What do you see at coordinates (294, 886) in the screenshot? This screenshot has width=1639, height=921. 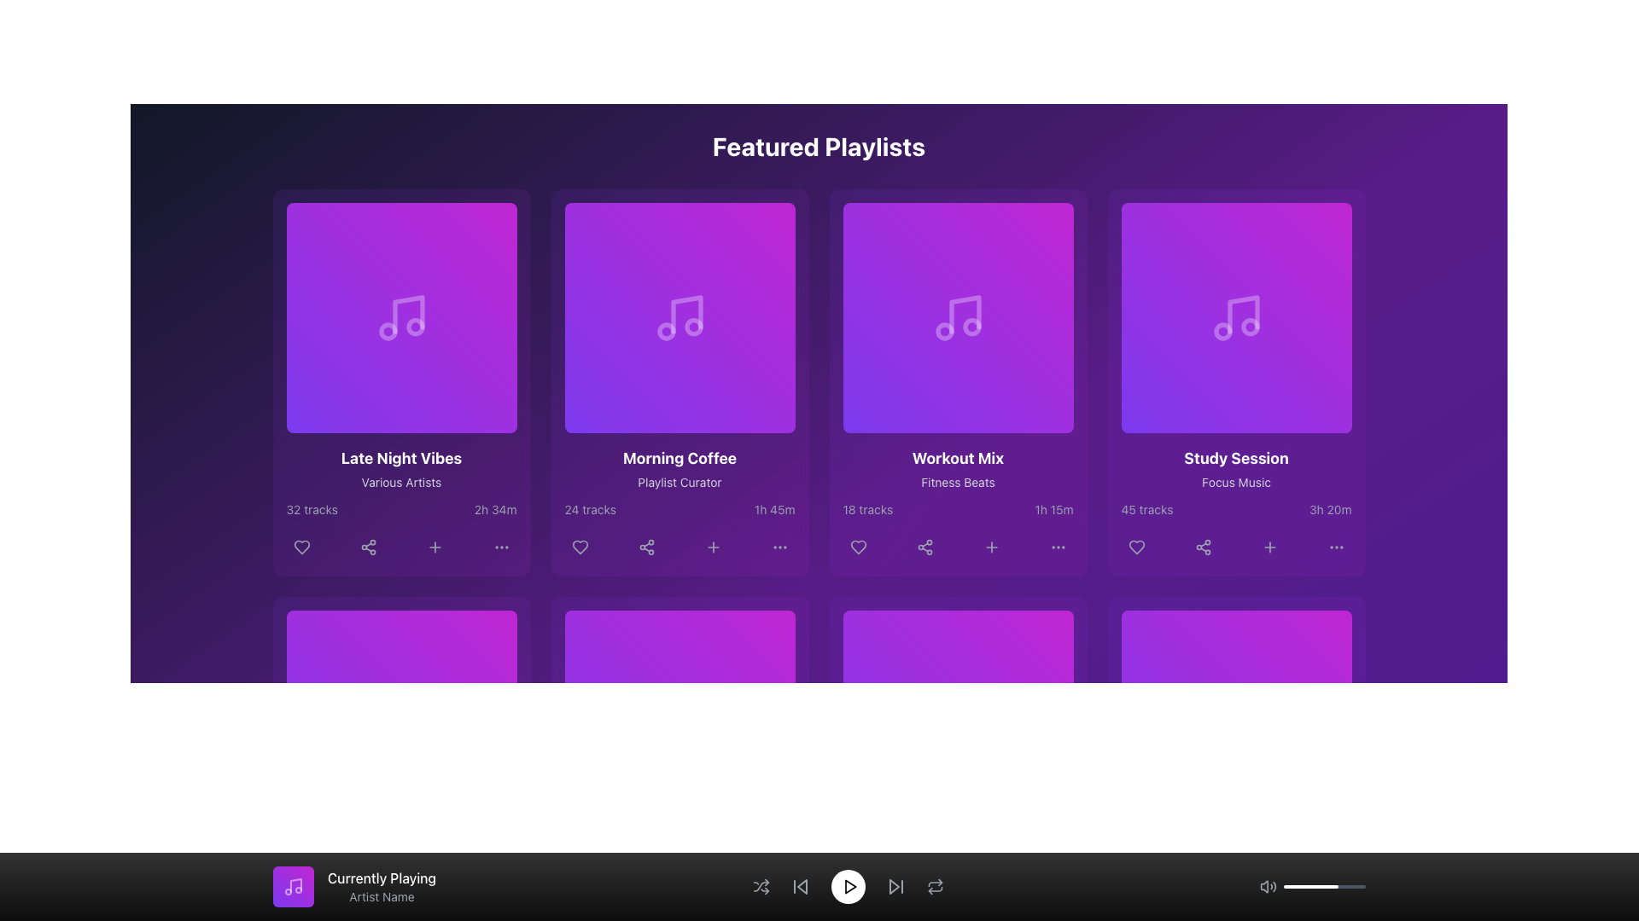 I see `the central musical note icon rendered in white, located inside a purple square button in the media control bar, to interact with the music player` at bounding box center [294, 886].